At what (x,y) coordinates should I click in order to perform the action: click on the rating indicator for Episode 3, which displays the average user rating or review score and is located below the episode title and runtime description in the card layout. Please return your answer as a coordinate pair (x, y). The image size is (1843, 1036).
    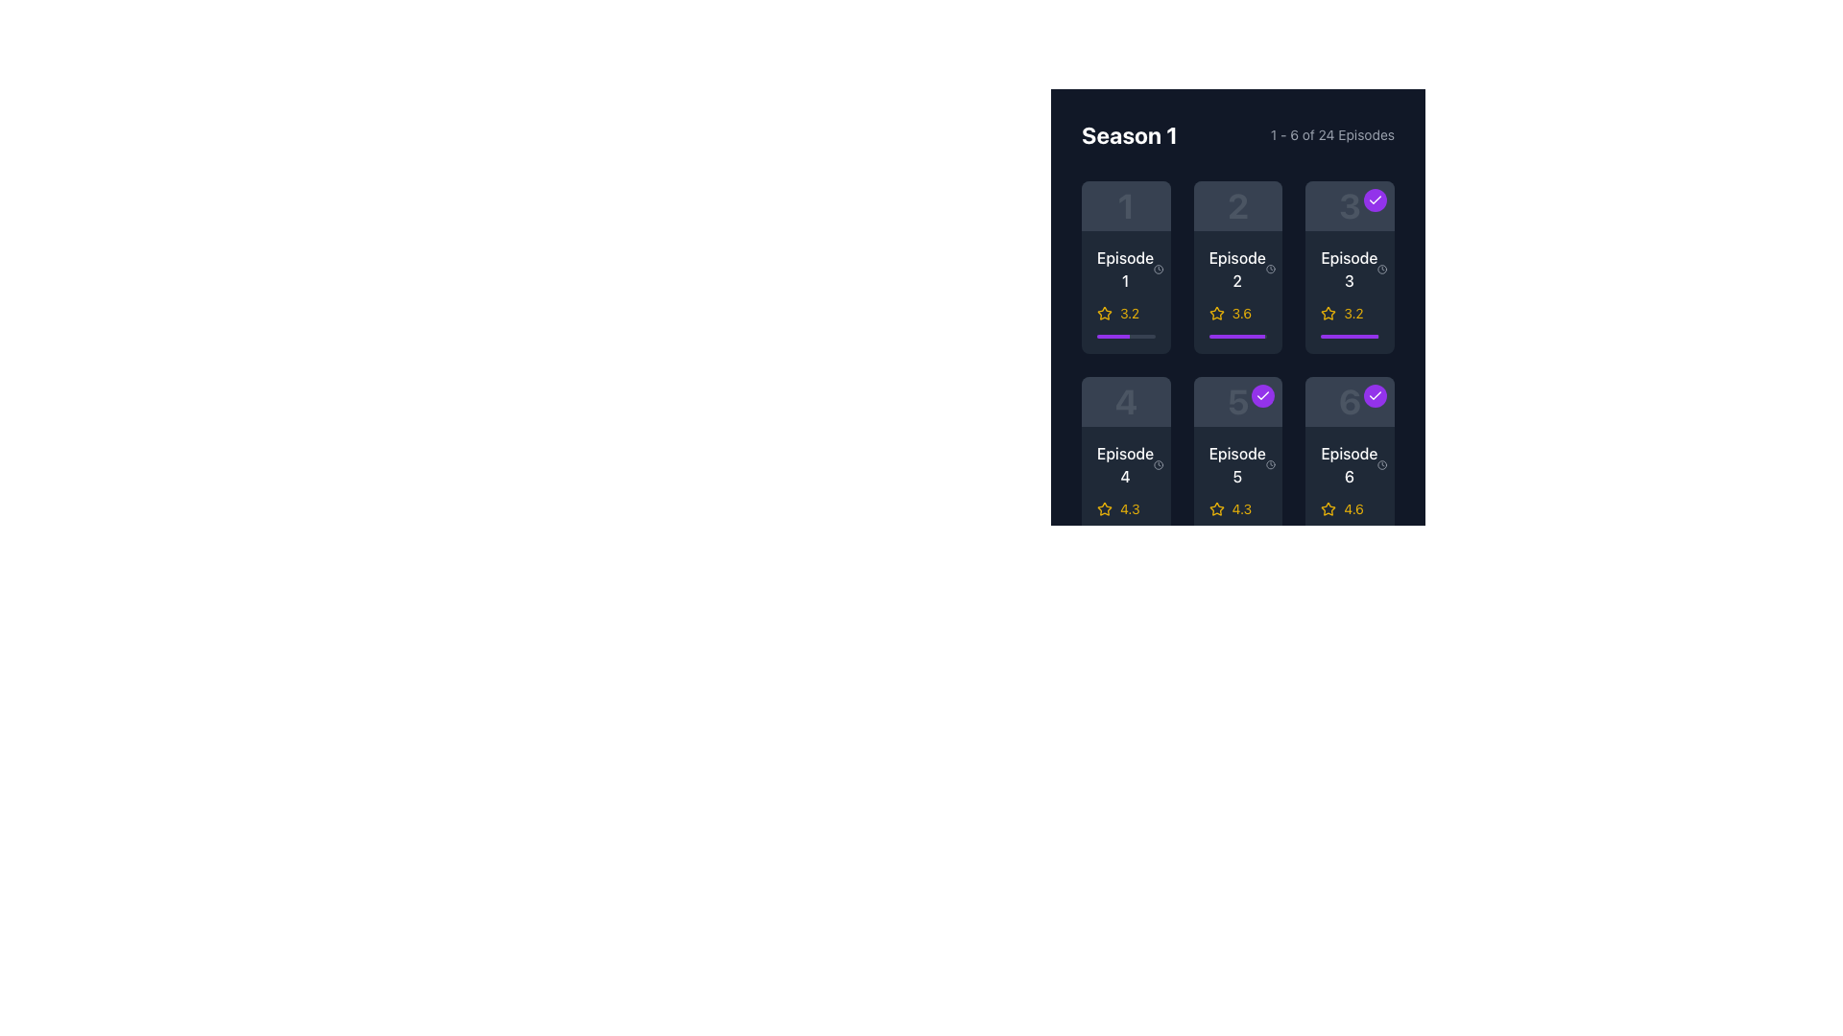
    Looking at the image, I should click on (1349, 313).